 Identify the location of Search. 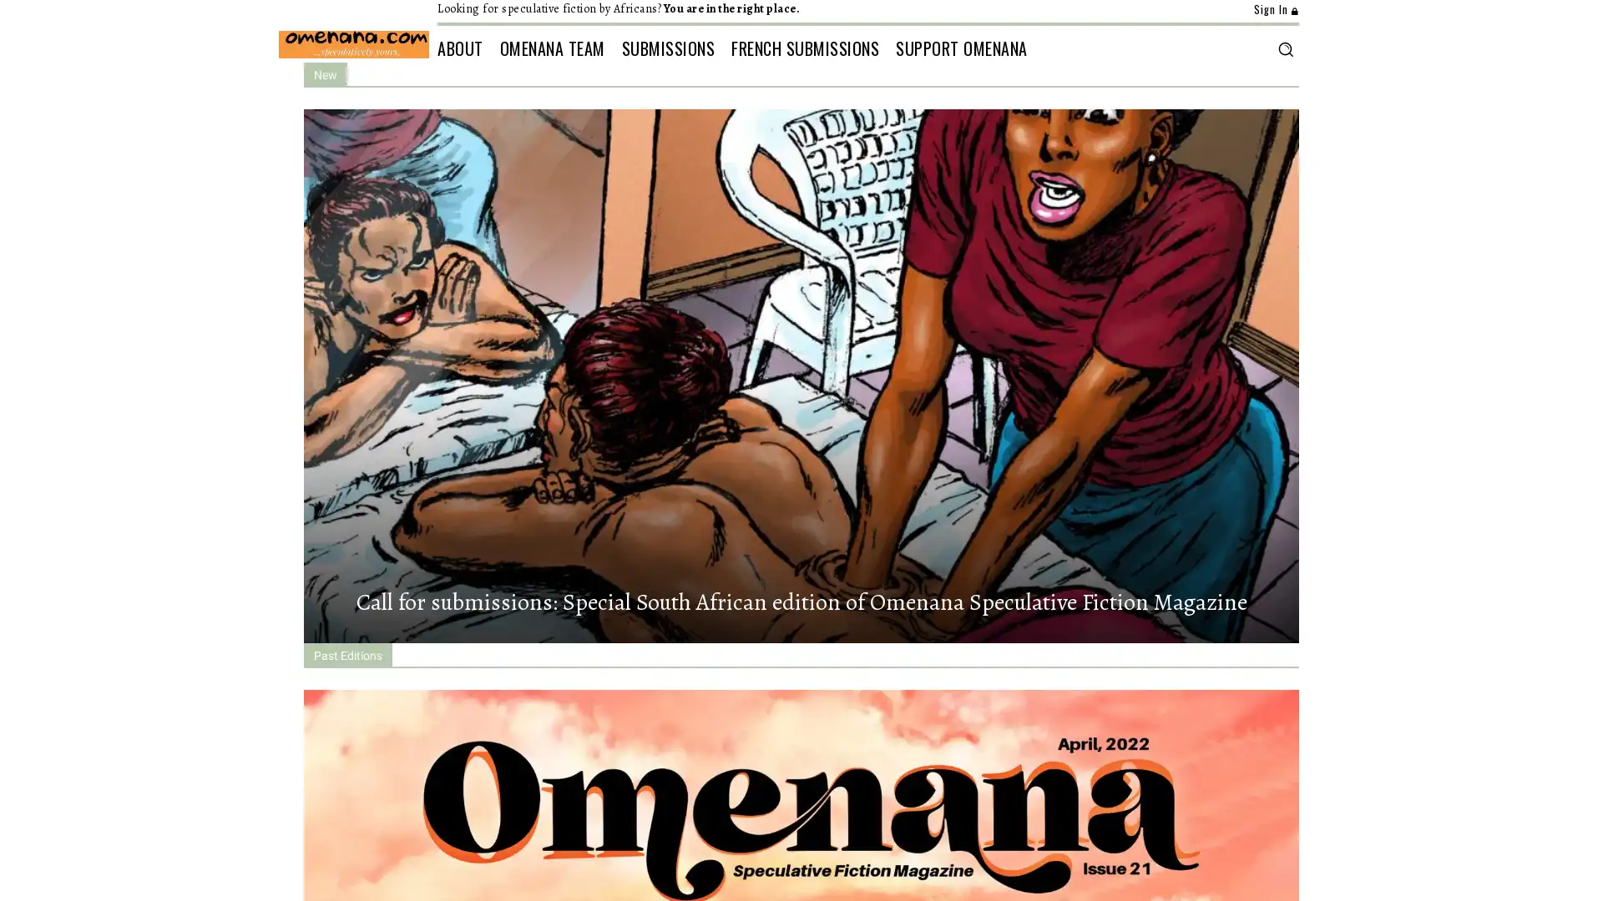
(1284, 48).